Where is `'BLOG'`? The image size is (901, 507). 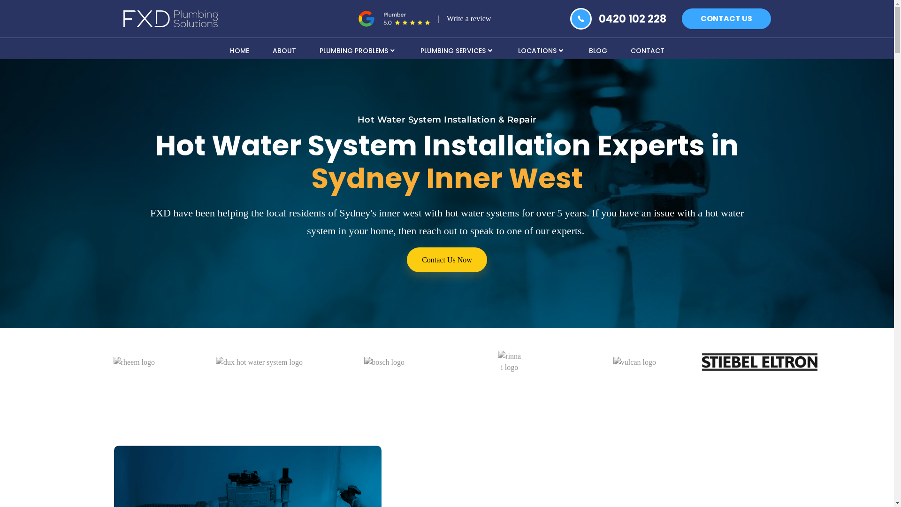
'BLOG' is located at coordinates (576, 49).